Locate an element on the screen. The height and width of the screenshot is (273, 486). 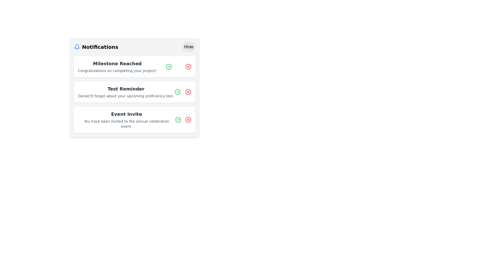
the circular checkmark button enclosed within a green circle outline, located to the right of the 'Event Invite' notification is located at coordinates (178, 120).